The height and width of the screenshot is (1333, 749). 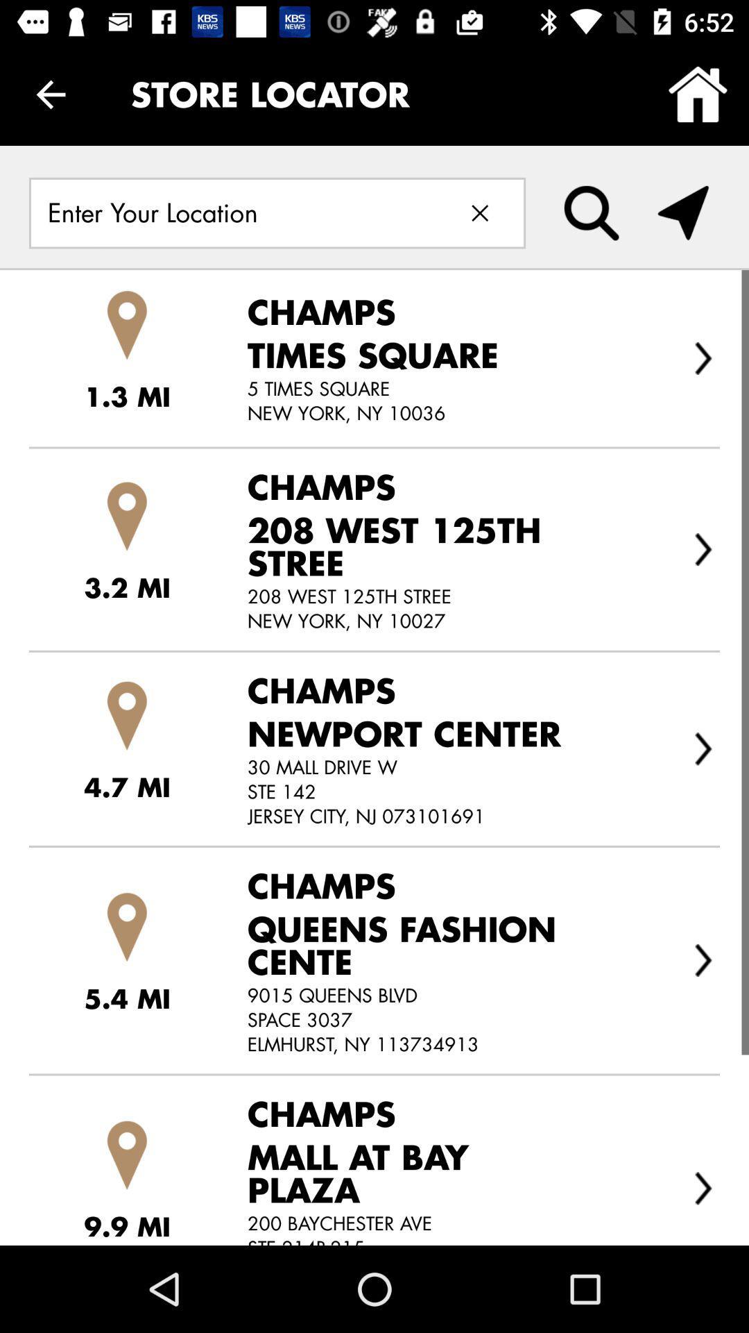 I want to click on location, so click(x=233, y=212).